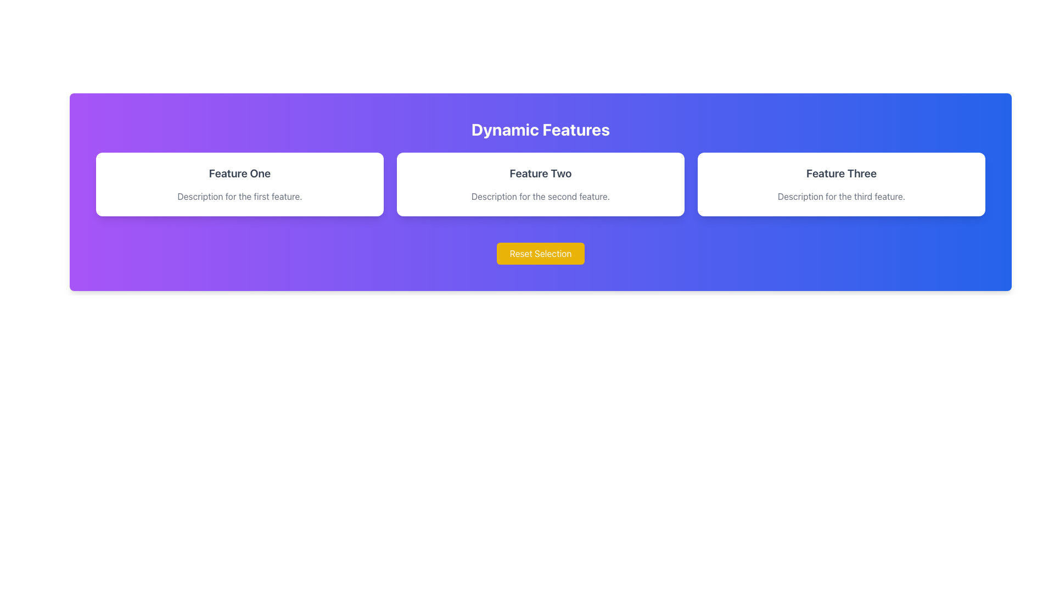  What do you see at coordinates (540, 254) in the screenshot?
I see `the reset button located beneath the feature description cards to observe the hover effect` at bounding box center [540, 254].